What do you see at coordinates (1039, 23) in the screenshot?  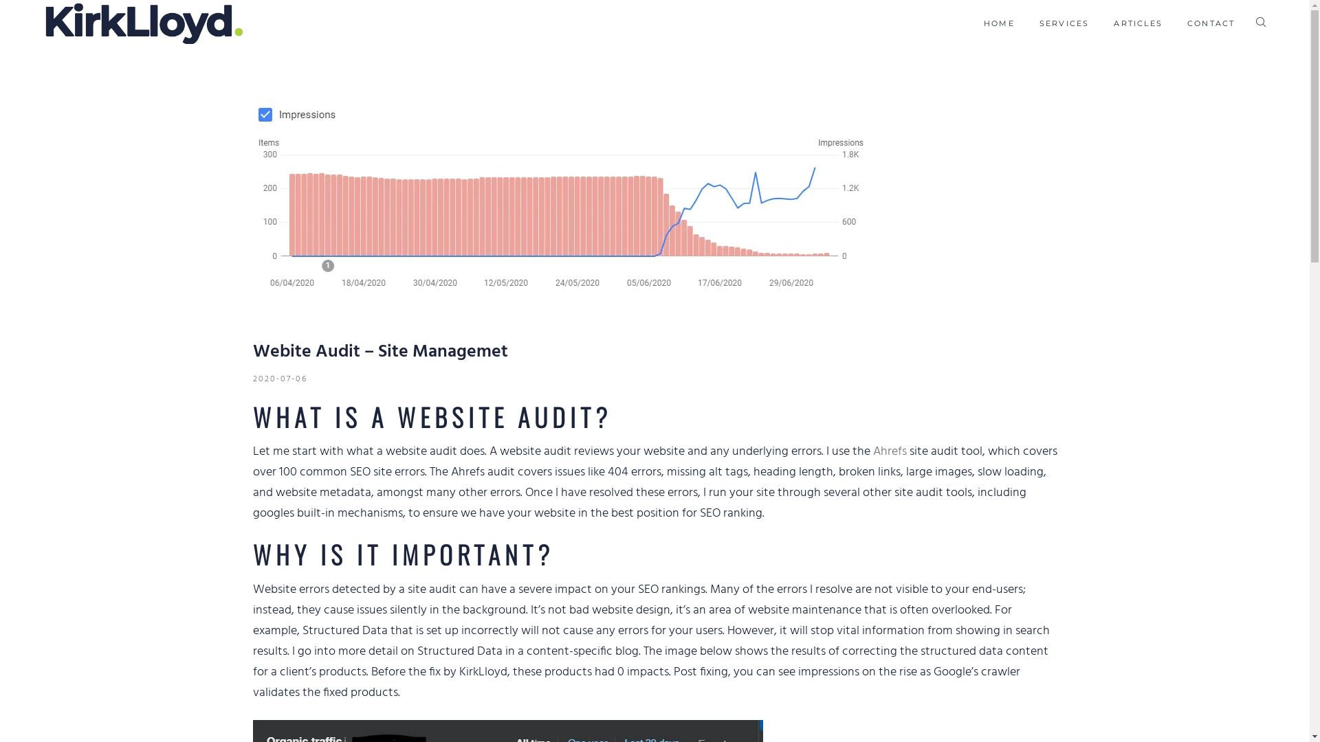 I see `'SERVICES'` at bounding box center [1039, 23].